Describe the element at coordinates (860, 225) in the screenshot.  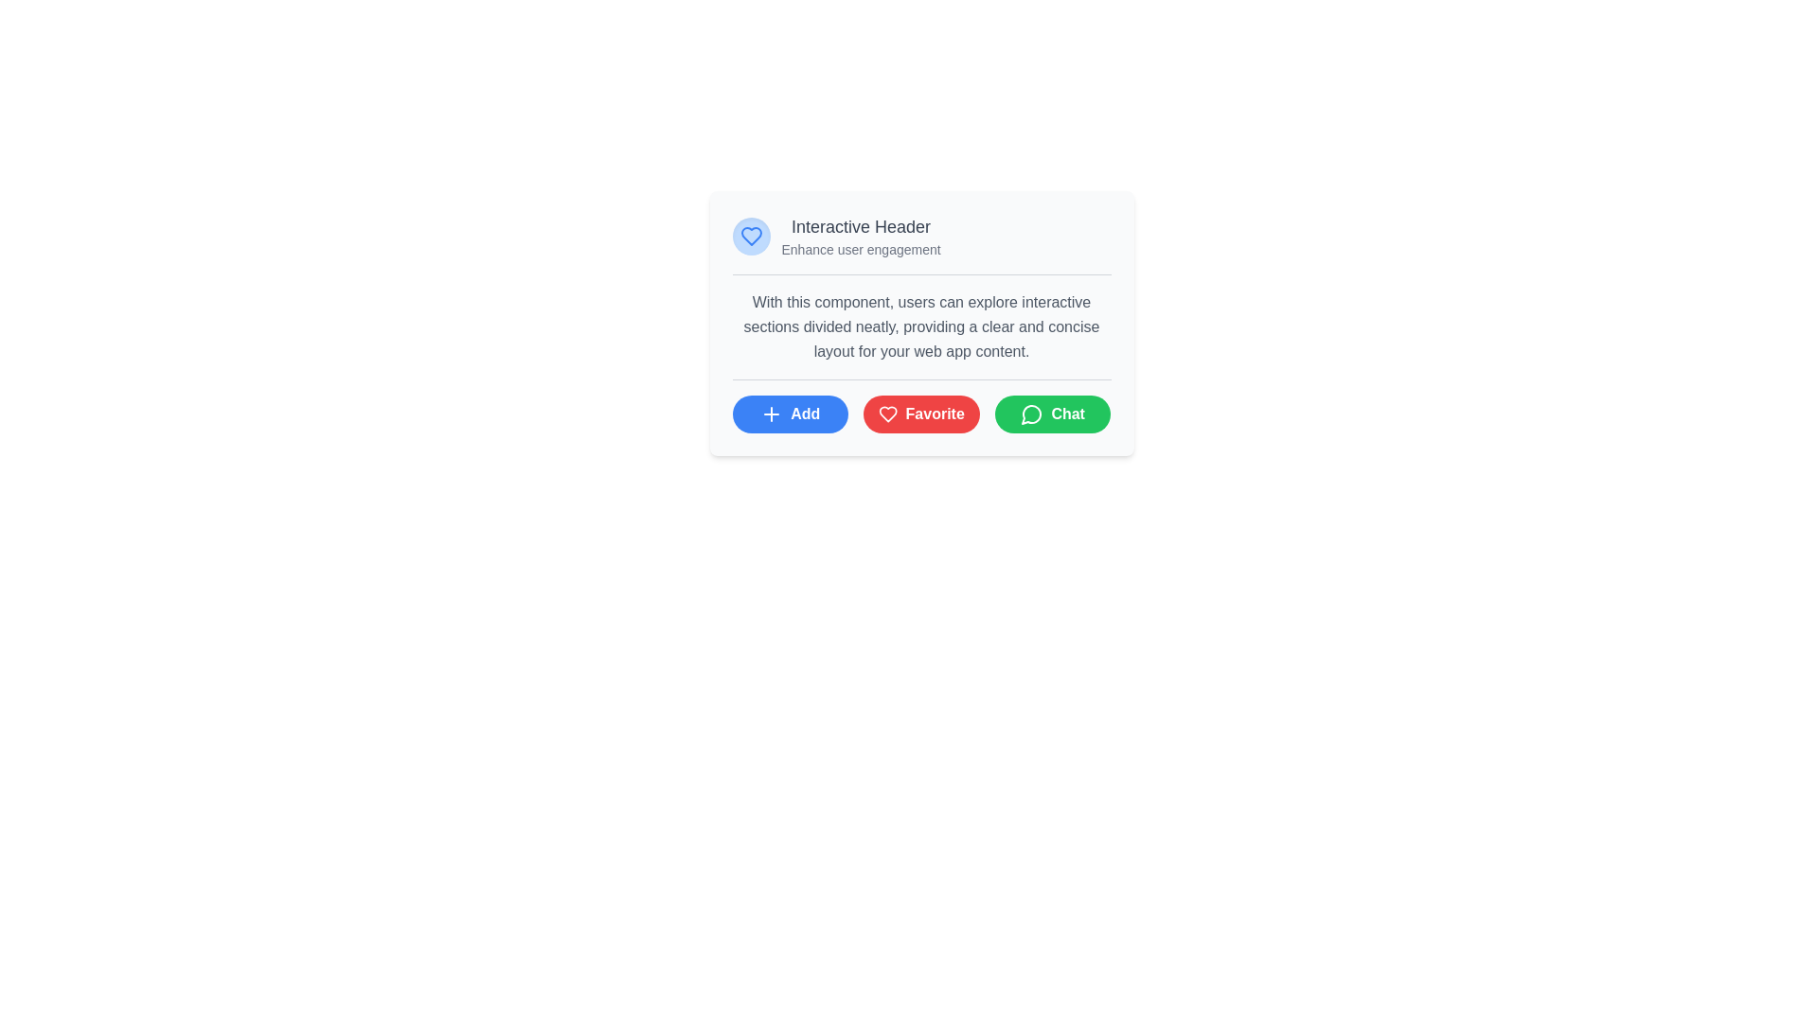
I see `the text label that reads 'Interactive Header', which is prominently styled and located at the top of its card-like section` at that location.